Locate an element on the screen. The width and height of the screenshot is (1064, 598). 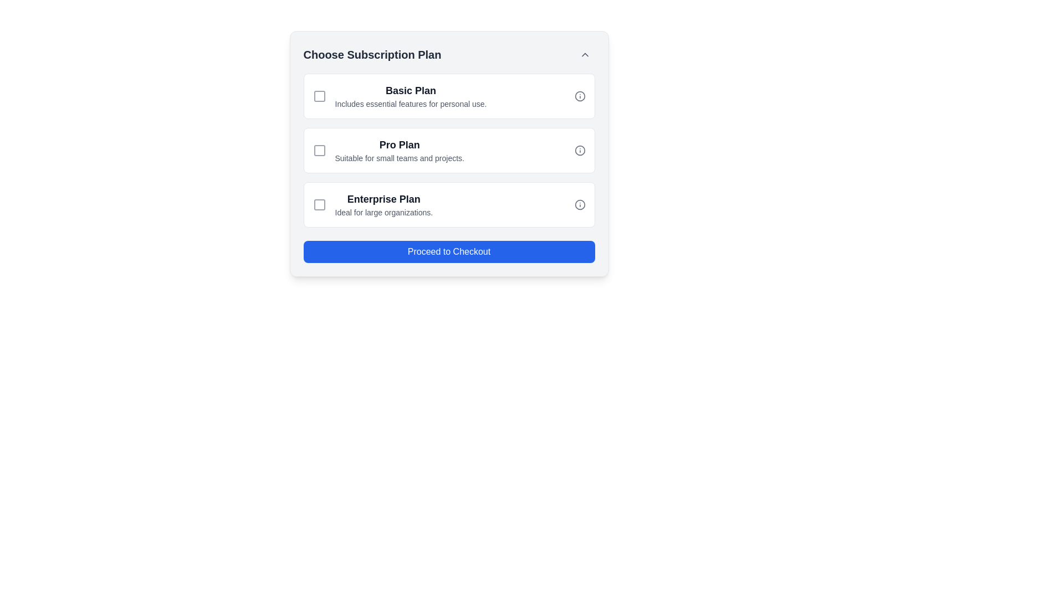
the primary checkout button located at the bottom of the subscription selection panel is located at coordinates (449, 252).